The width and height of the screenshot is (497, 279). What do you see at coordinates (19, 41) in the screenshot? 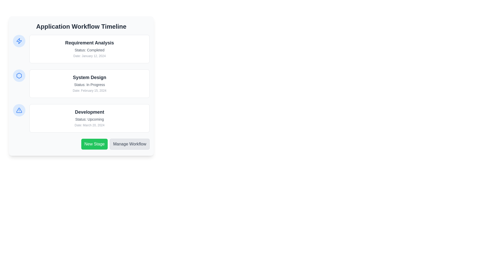
I see `the blue lightning bolt icon in the timeline interface for the 'Requirement Analysis' workflow stage, indicating the status as 'Completed'` at bounding box center [19, 41].